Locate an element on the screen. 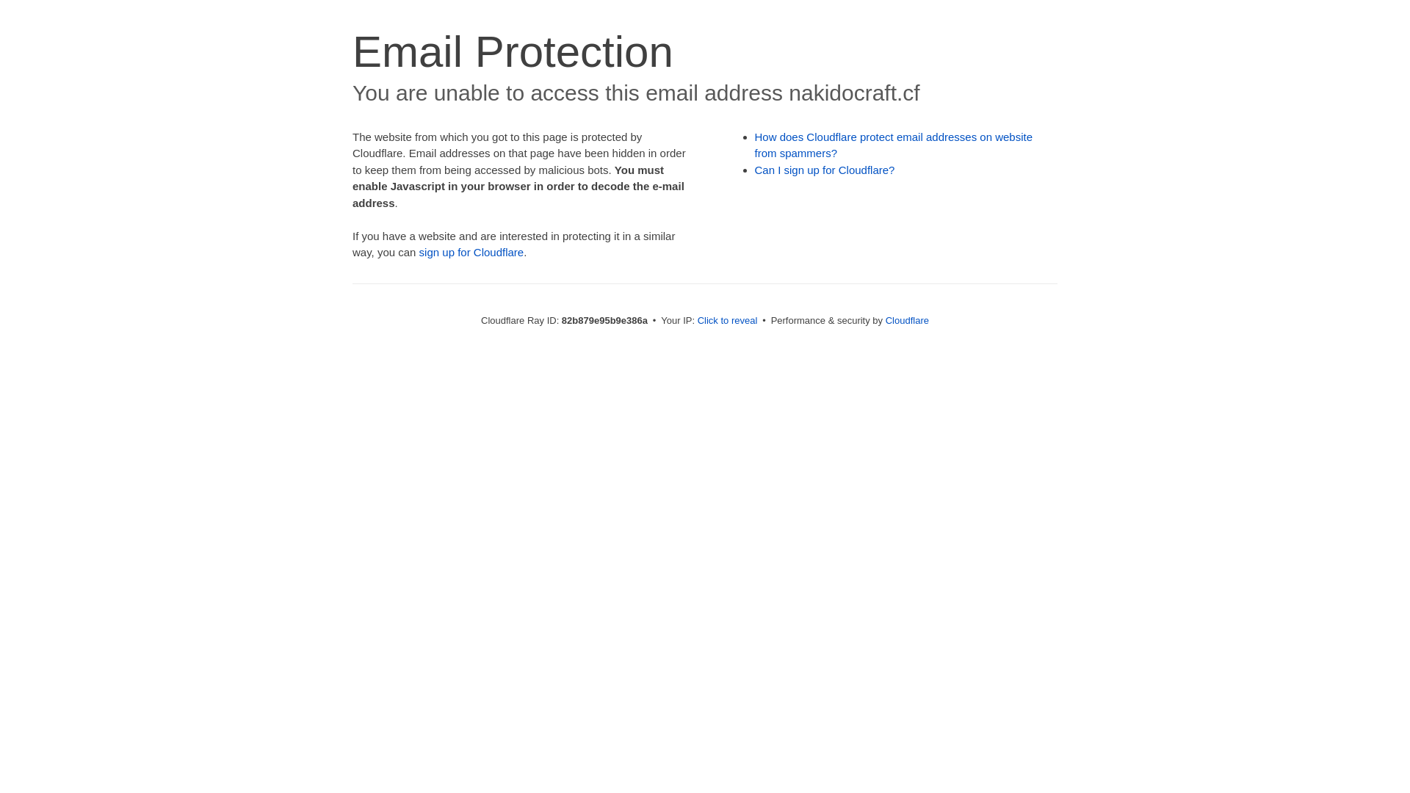  'Can I sign up for Cloudflare?' is located at coordinates (825, 169).